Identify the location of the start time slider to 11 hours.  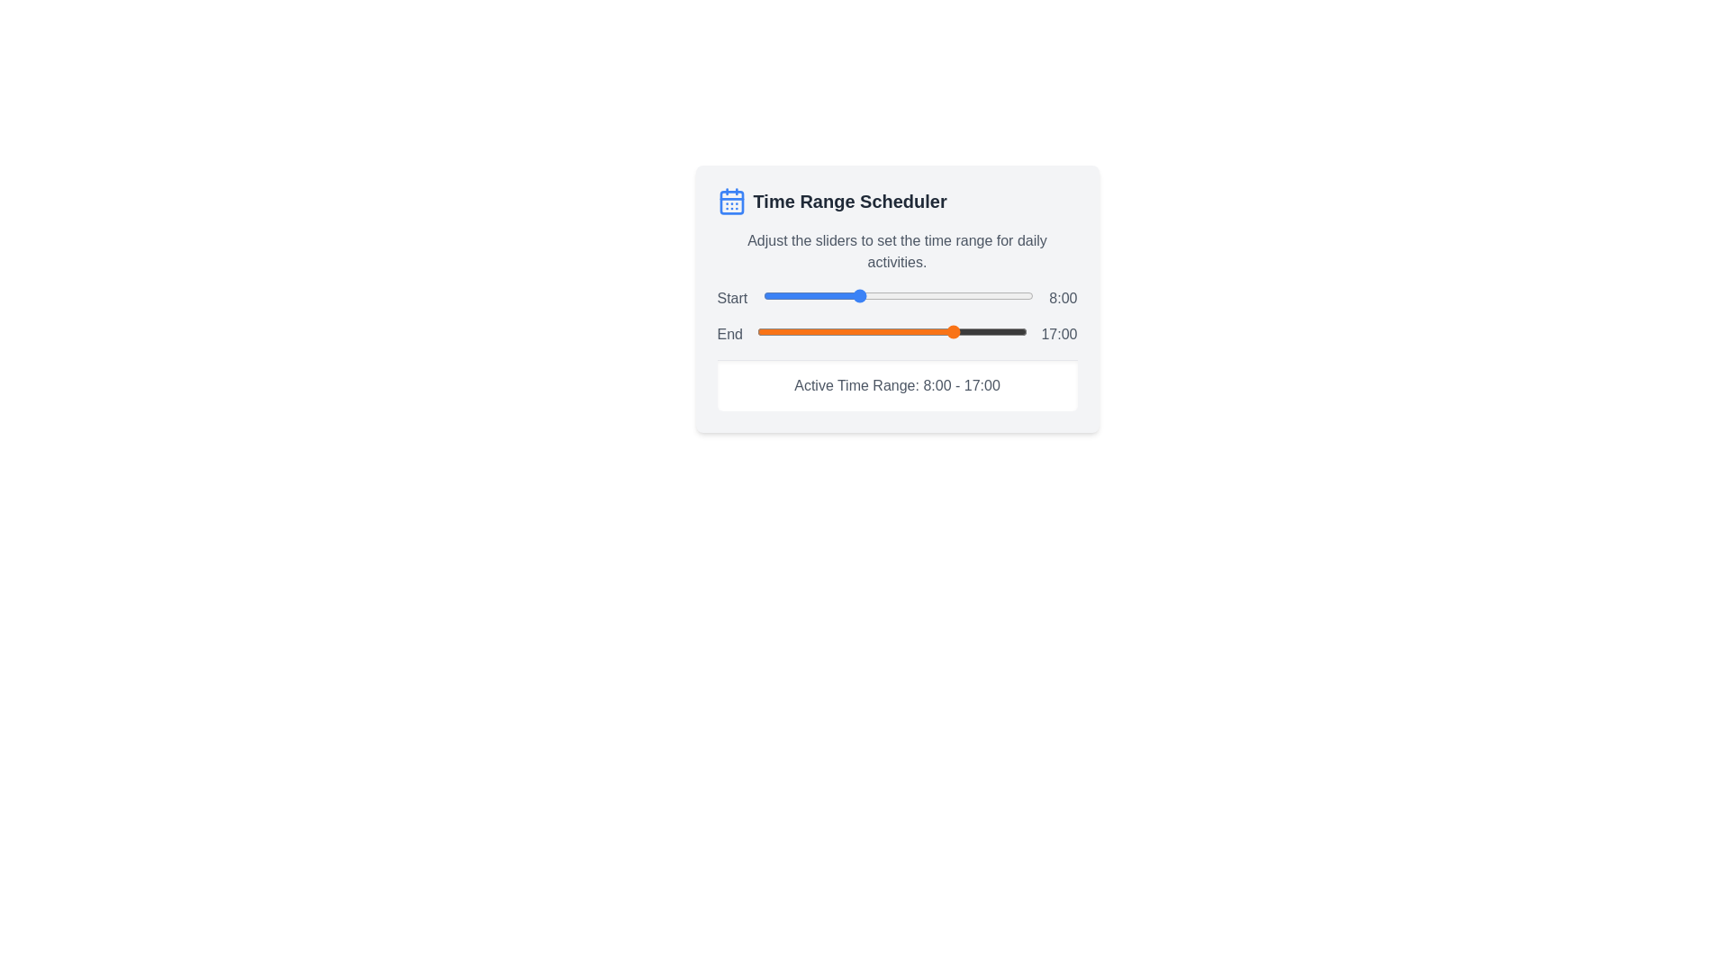
(892, 294).